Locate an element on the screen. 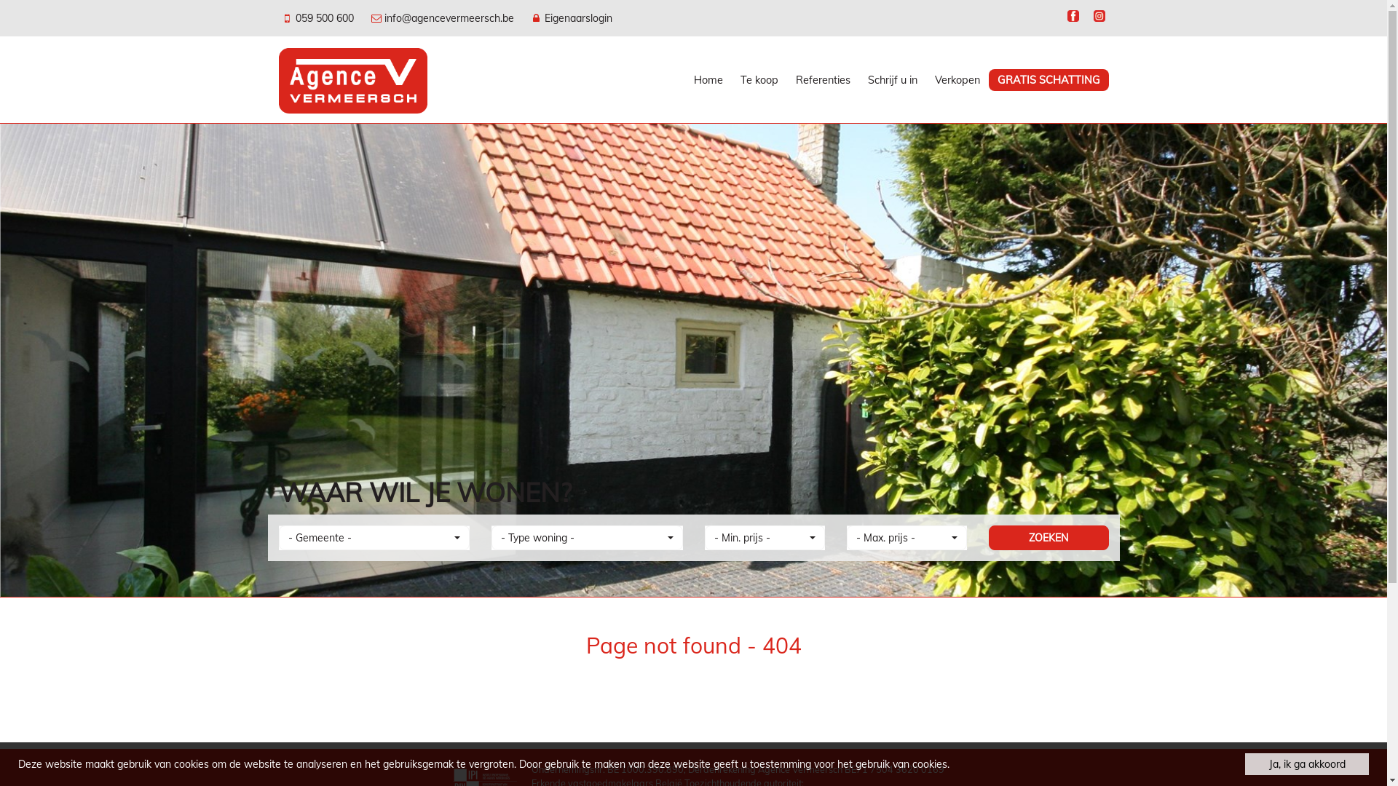 The height and width of the screenshot is (786, 1398). 'Agence Vermeersch' is located at coordinates (352, 79).